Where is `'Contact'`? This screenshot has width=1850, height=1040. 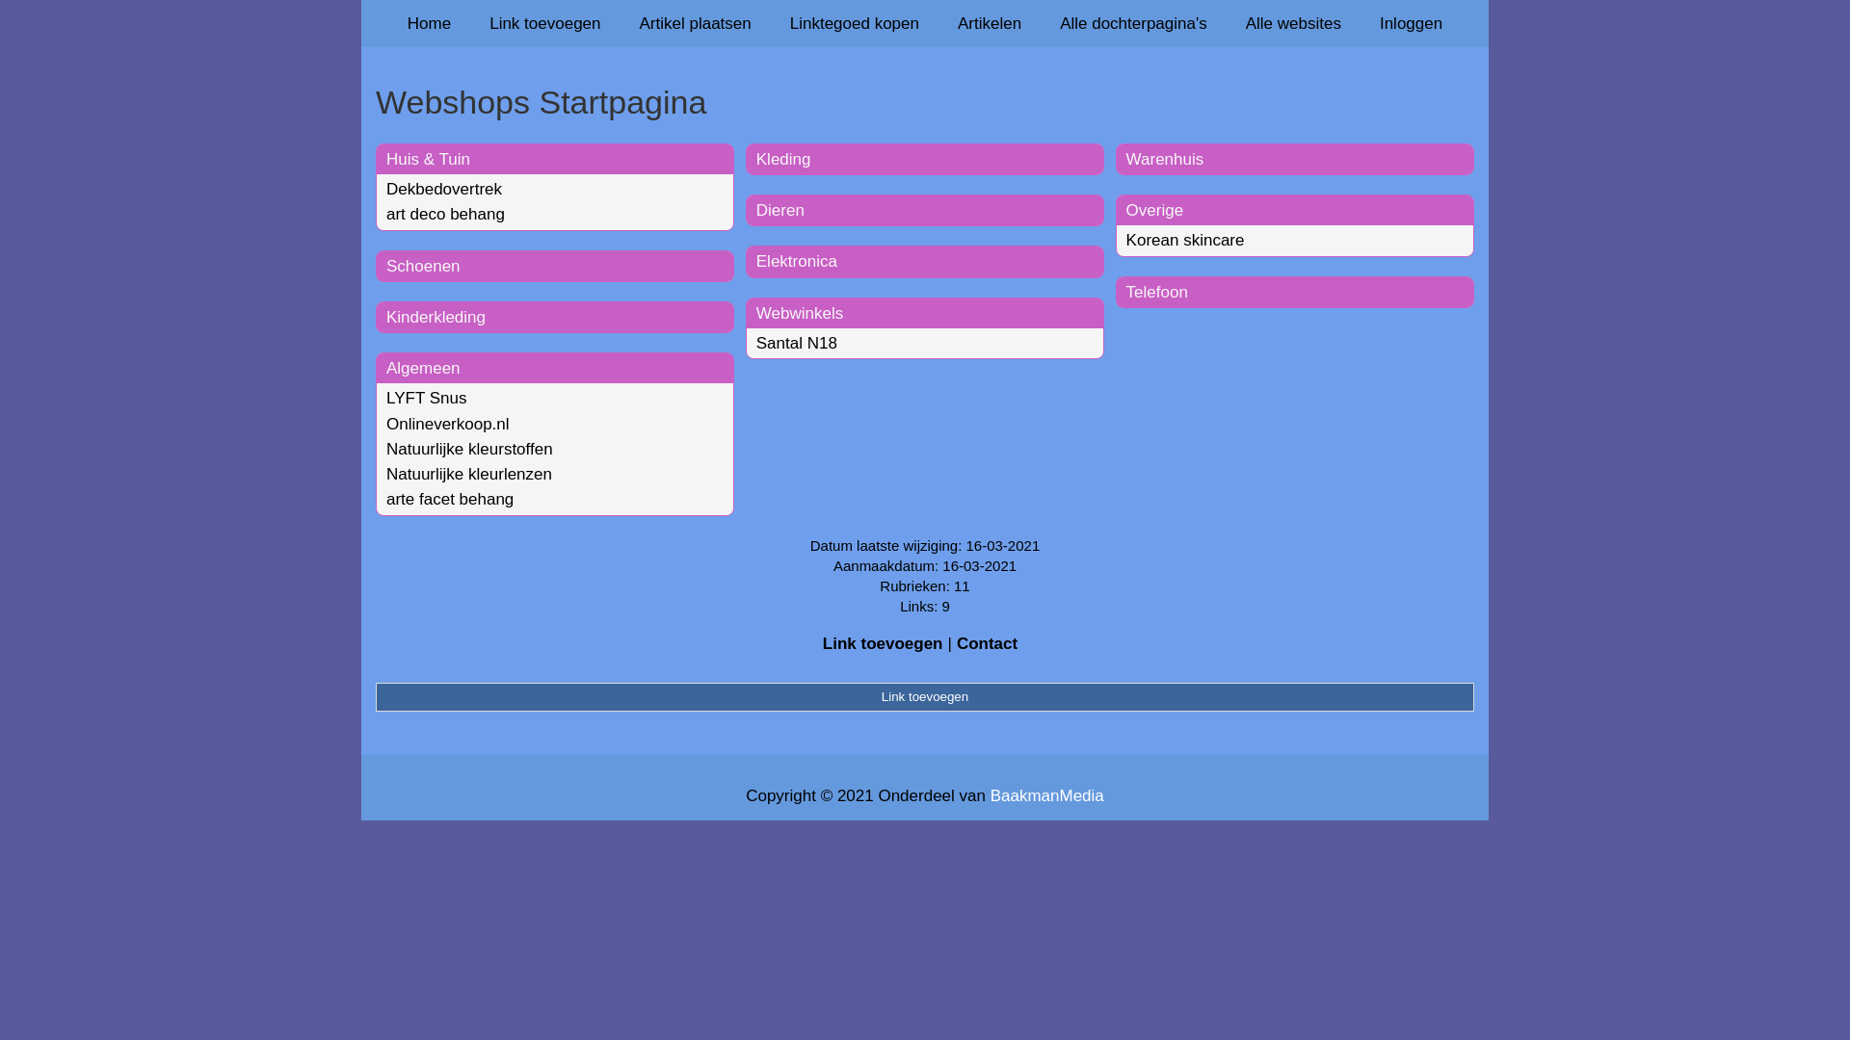
'Contact' is located at coordinates (987, 643).